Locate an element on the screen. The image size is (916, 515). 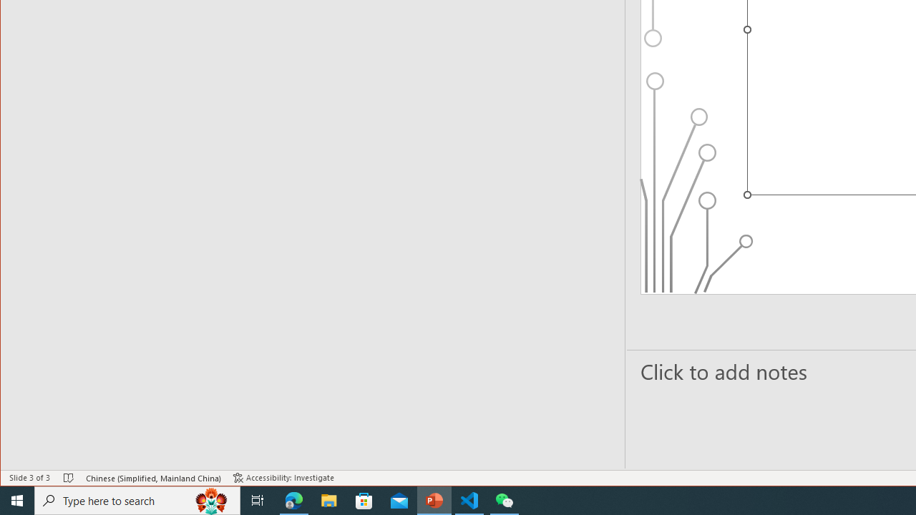
'PowerPoint - 1 running window' is located at coordinates (434, 499).